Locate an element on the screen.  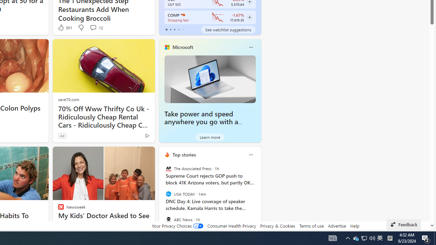
'View comments 12 Comment' is located at coordinates (96, 27).